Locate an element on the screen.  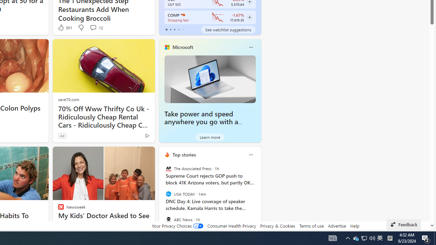
'View comments 12 Comment' is located at coordinates (96, 27).